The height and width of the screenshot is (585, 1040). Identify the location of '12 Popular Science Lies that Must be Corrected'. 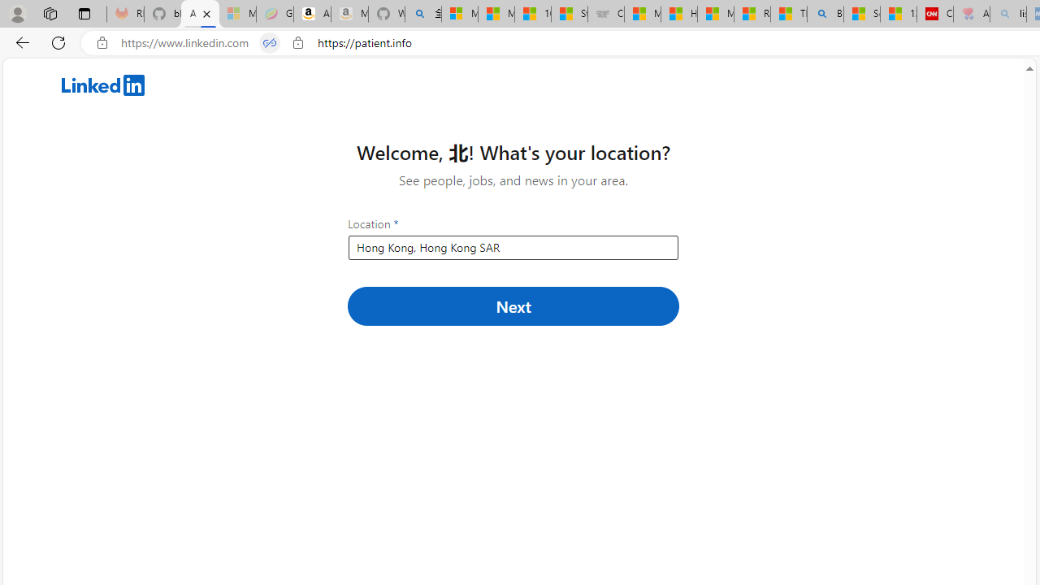
(897, 14).